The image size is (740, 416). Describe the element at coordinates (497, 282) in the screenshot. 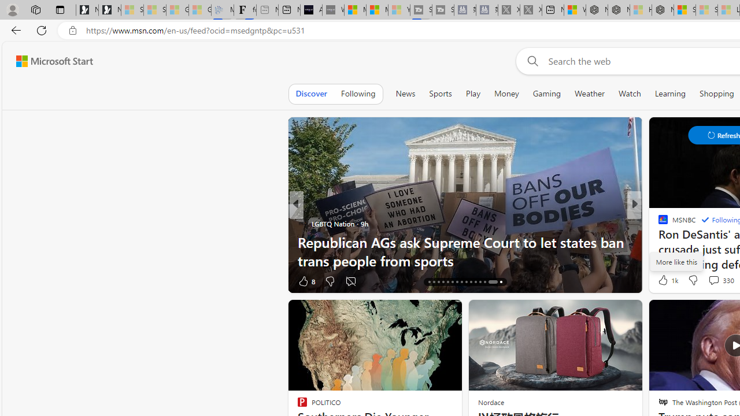

I see `'AutomationID: tab-30'` at that location.